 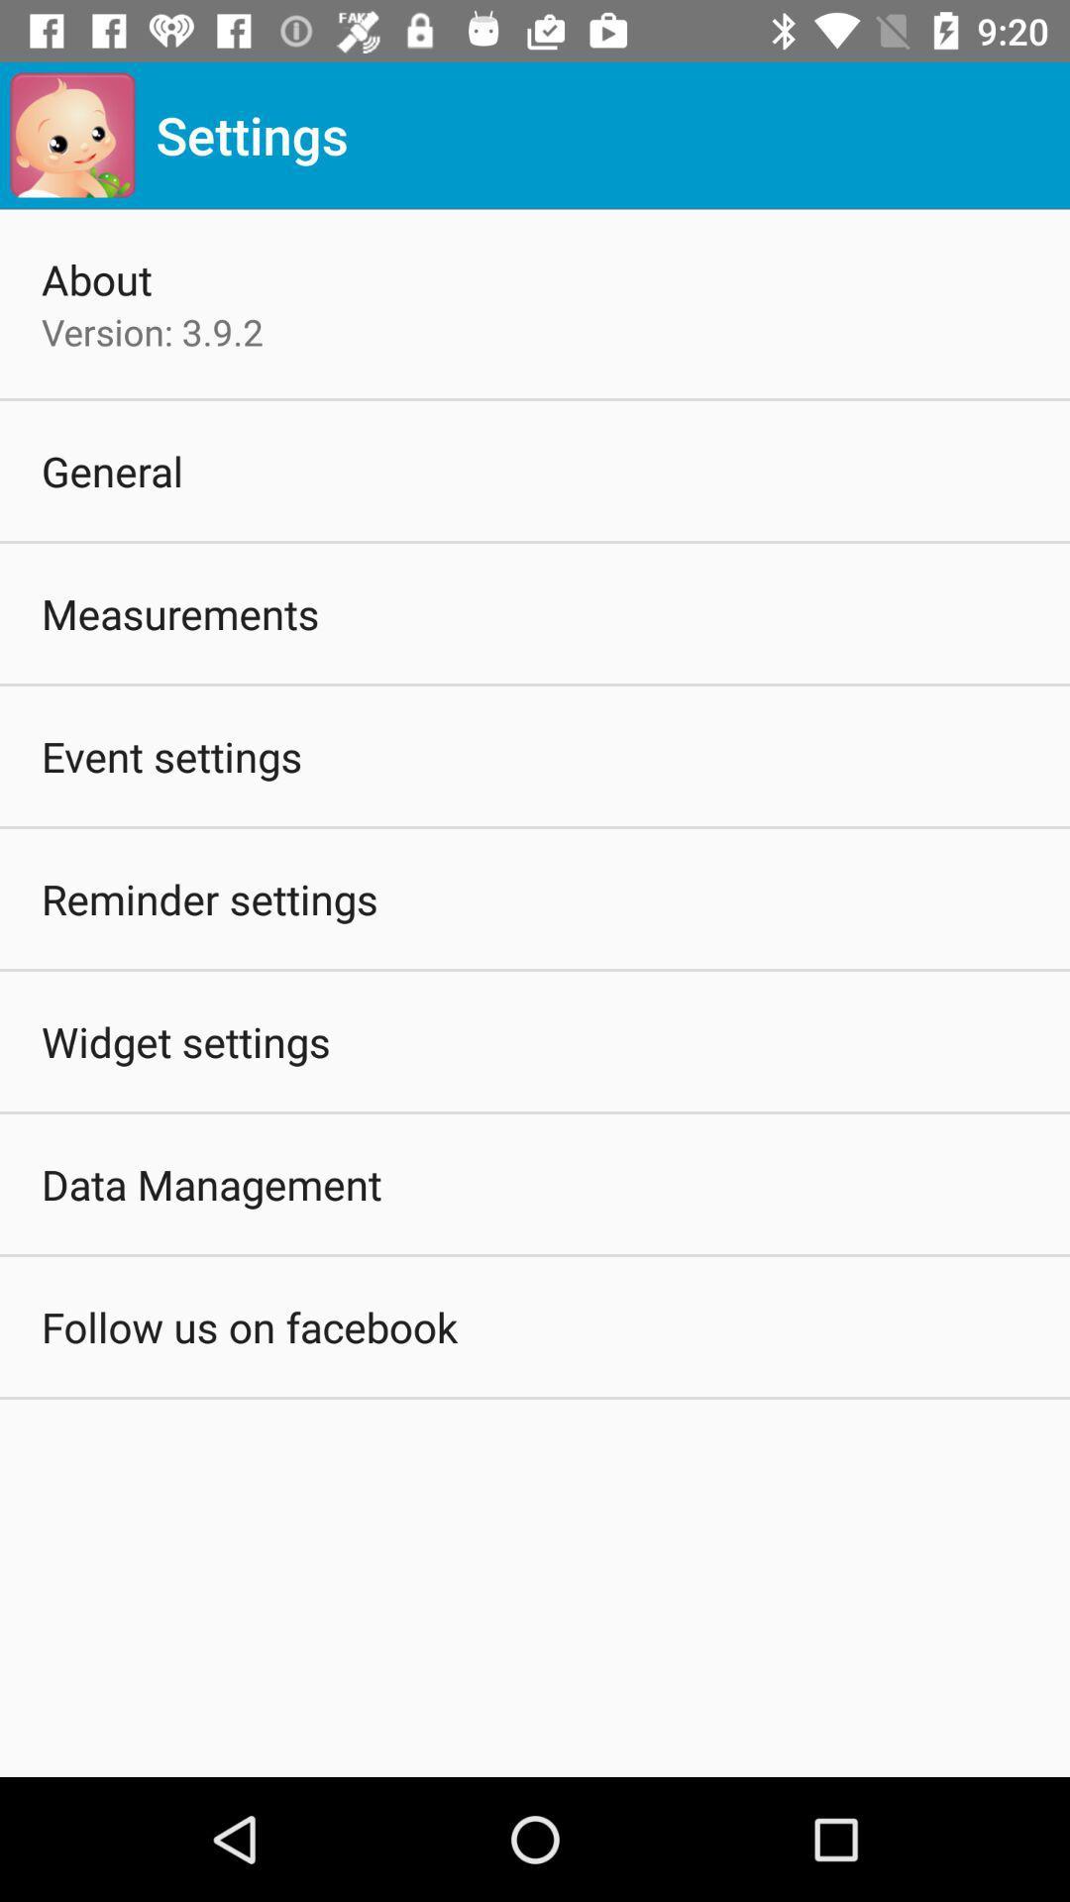 I want to click on the event settings icon, so click(x=170, y=755).